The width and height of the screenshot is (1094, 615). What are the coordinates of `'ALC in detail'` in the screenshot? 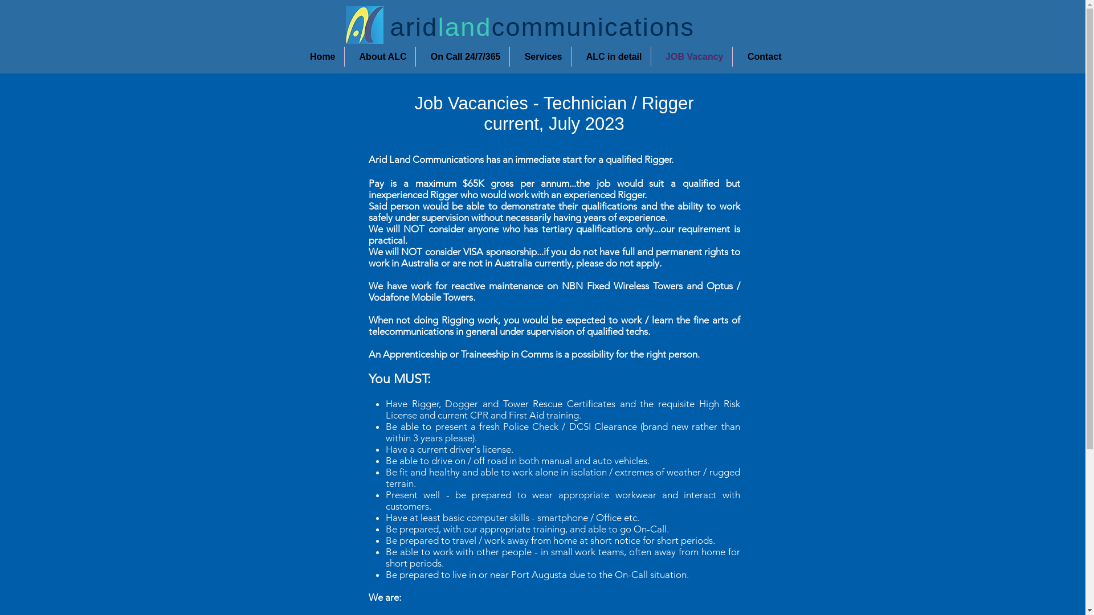 It's located at (610, 56).